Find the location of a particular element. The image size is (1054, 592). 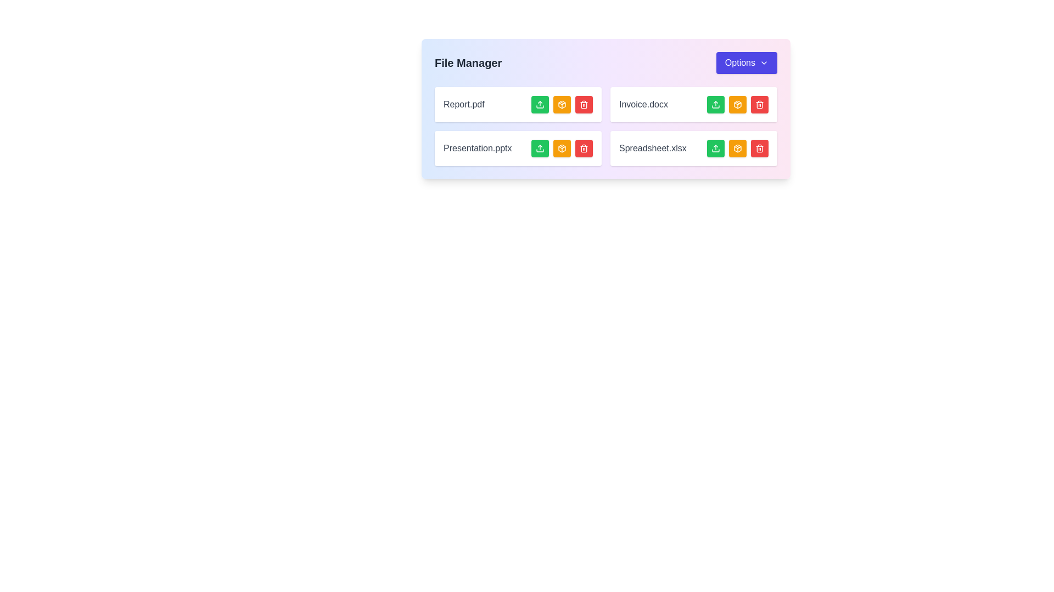

the red delete button with a white trash bin icon located to the right of 'Spreadsheet.xlsx' is located at coordinates (759, 148).